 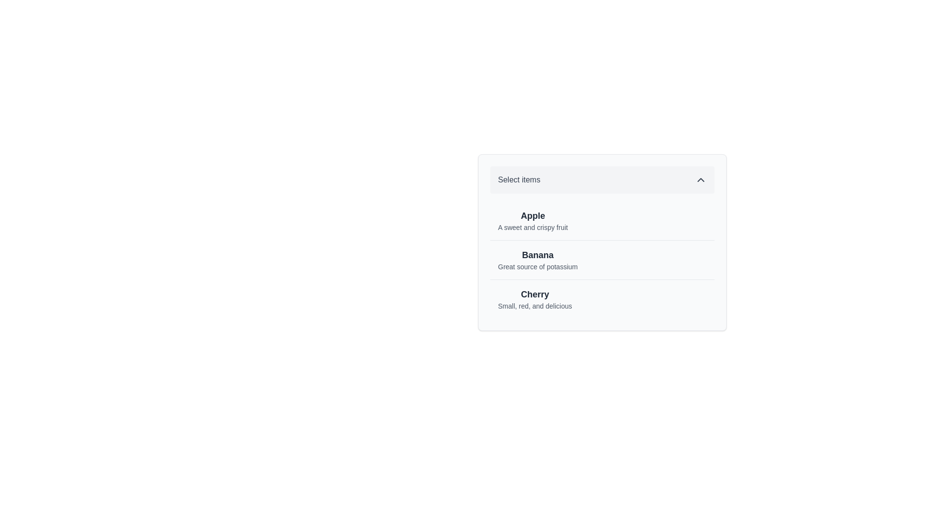 What do you see at coordinates (533, 221) in the screenshot?
I see `the first item` at bounding box center [533, 221].